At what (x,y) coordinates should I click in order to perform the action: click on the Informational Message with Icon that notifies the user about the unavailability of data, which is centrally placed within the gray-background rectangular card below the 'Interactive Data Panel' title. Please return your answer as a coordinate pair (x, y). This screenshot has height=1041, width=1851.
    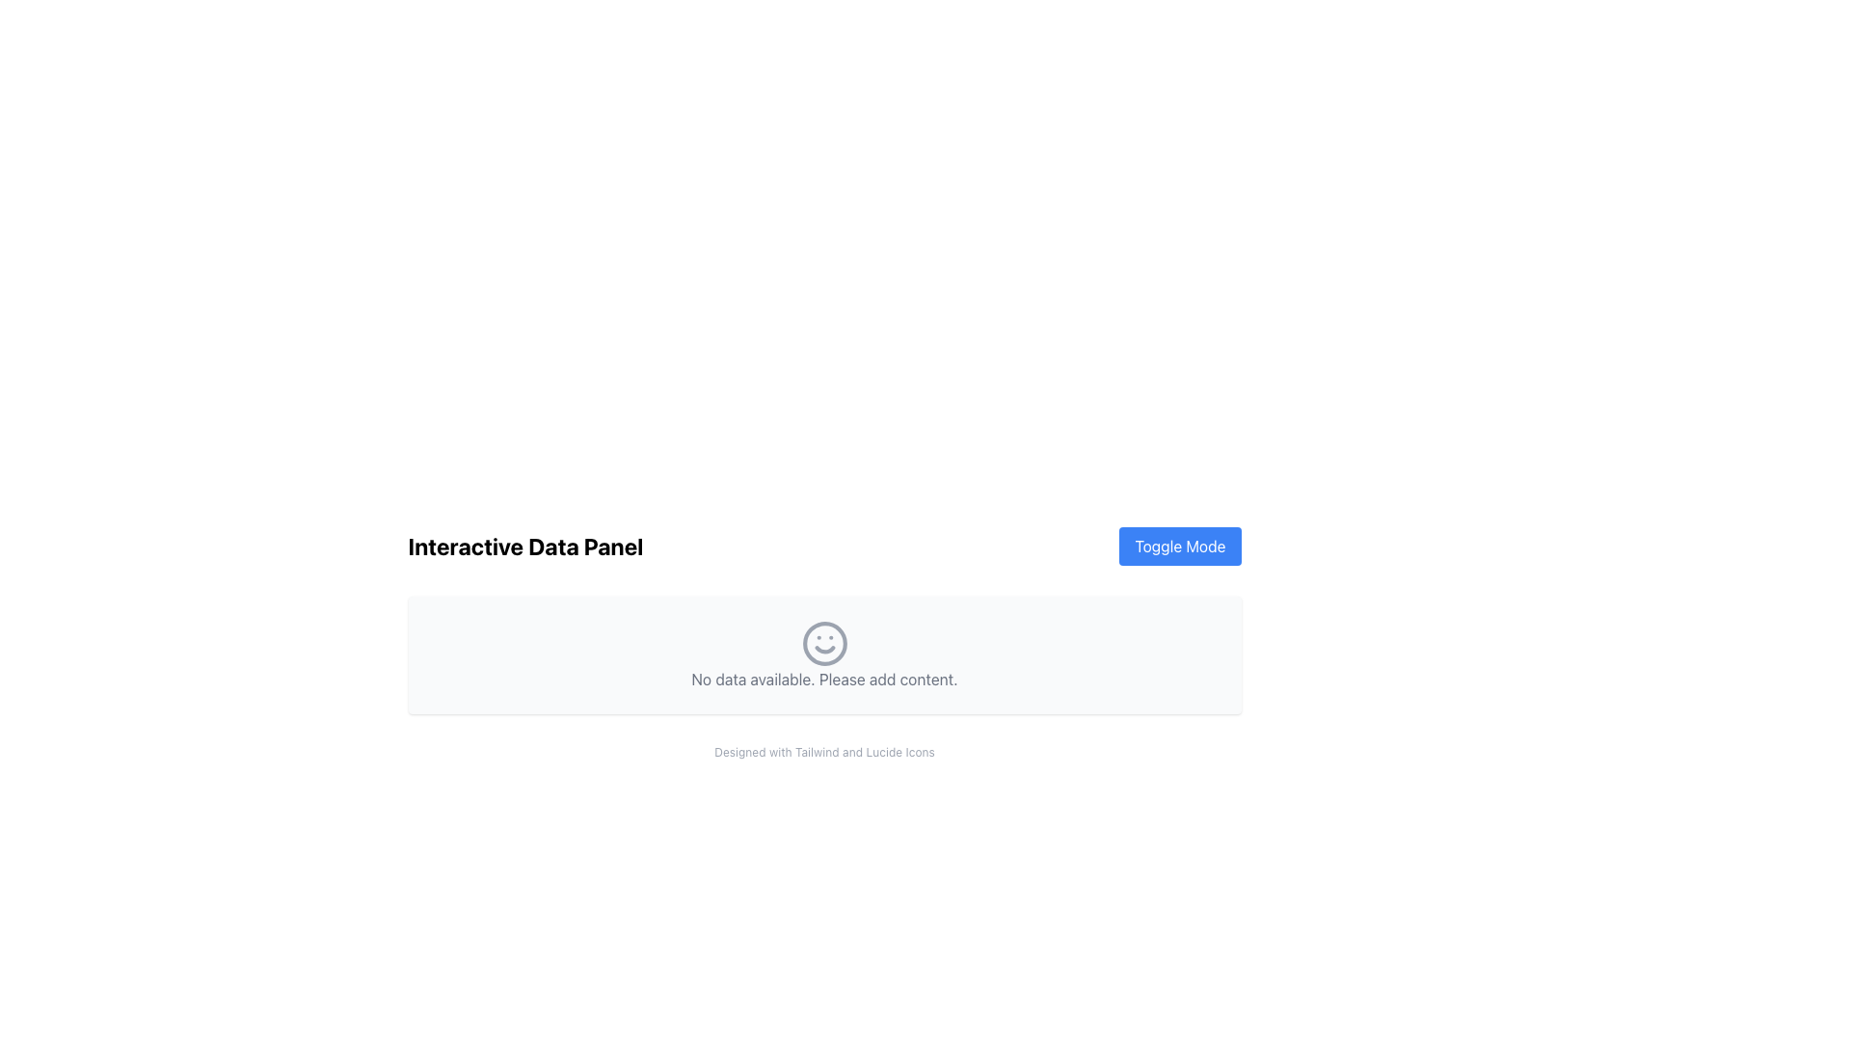
    Looking at the image, I should click on (824, 654).